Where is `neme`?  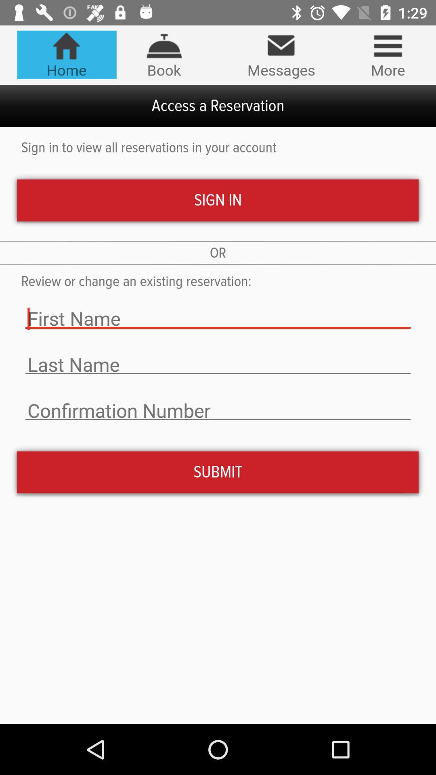
neme is located at coordinates (218, 364).